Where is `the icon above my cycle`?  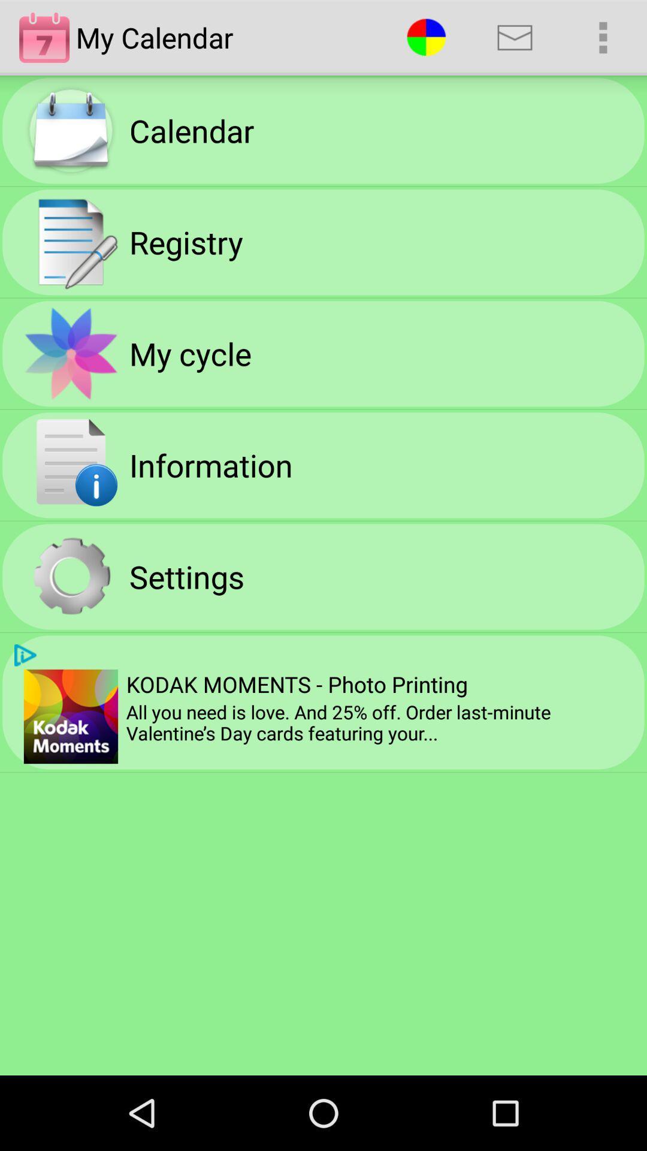 the icon above my cycle is located at coordinates (186, 241).